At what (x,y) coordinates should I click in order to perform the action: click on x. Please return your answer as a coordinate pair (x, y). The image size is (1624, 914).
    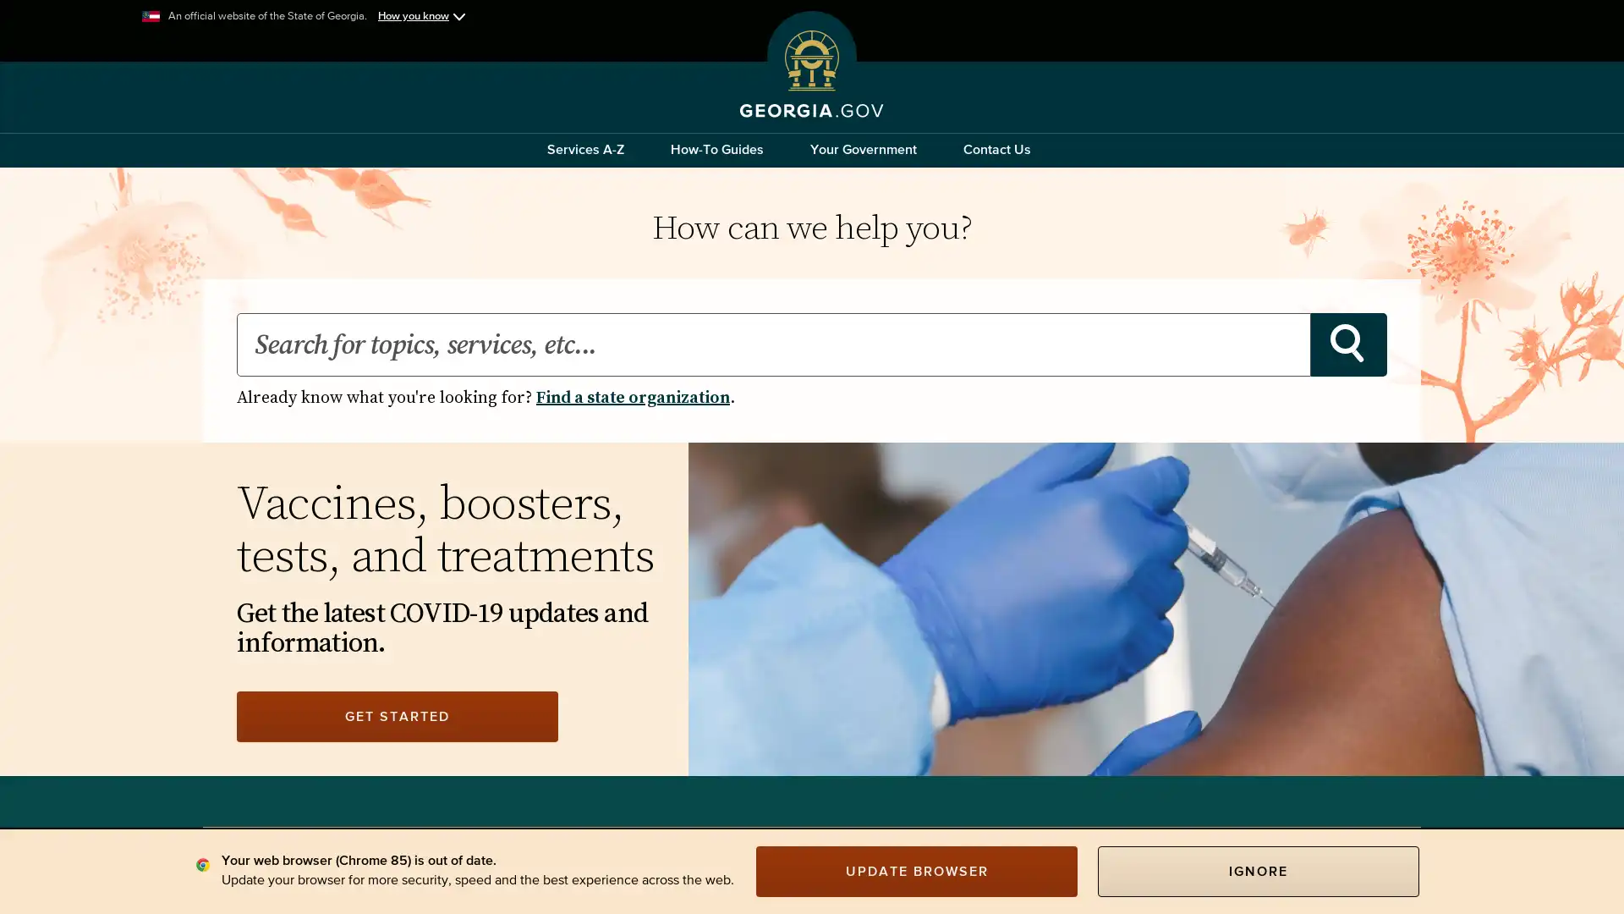
    Looking at the image, I should click on (397, 385).